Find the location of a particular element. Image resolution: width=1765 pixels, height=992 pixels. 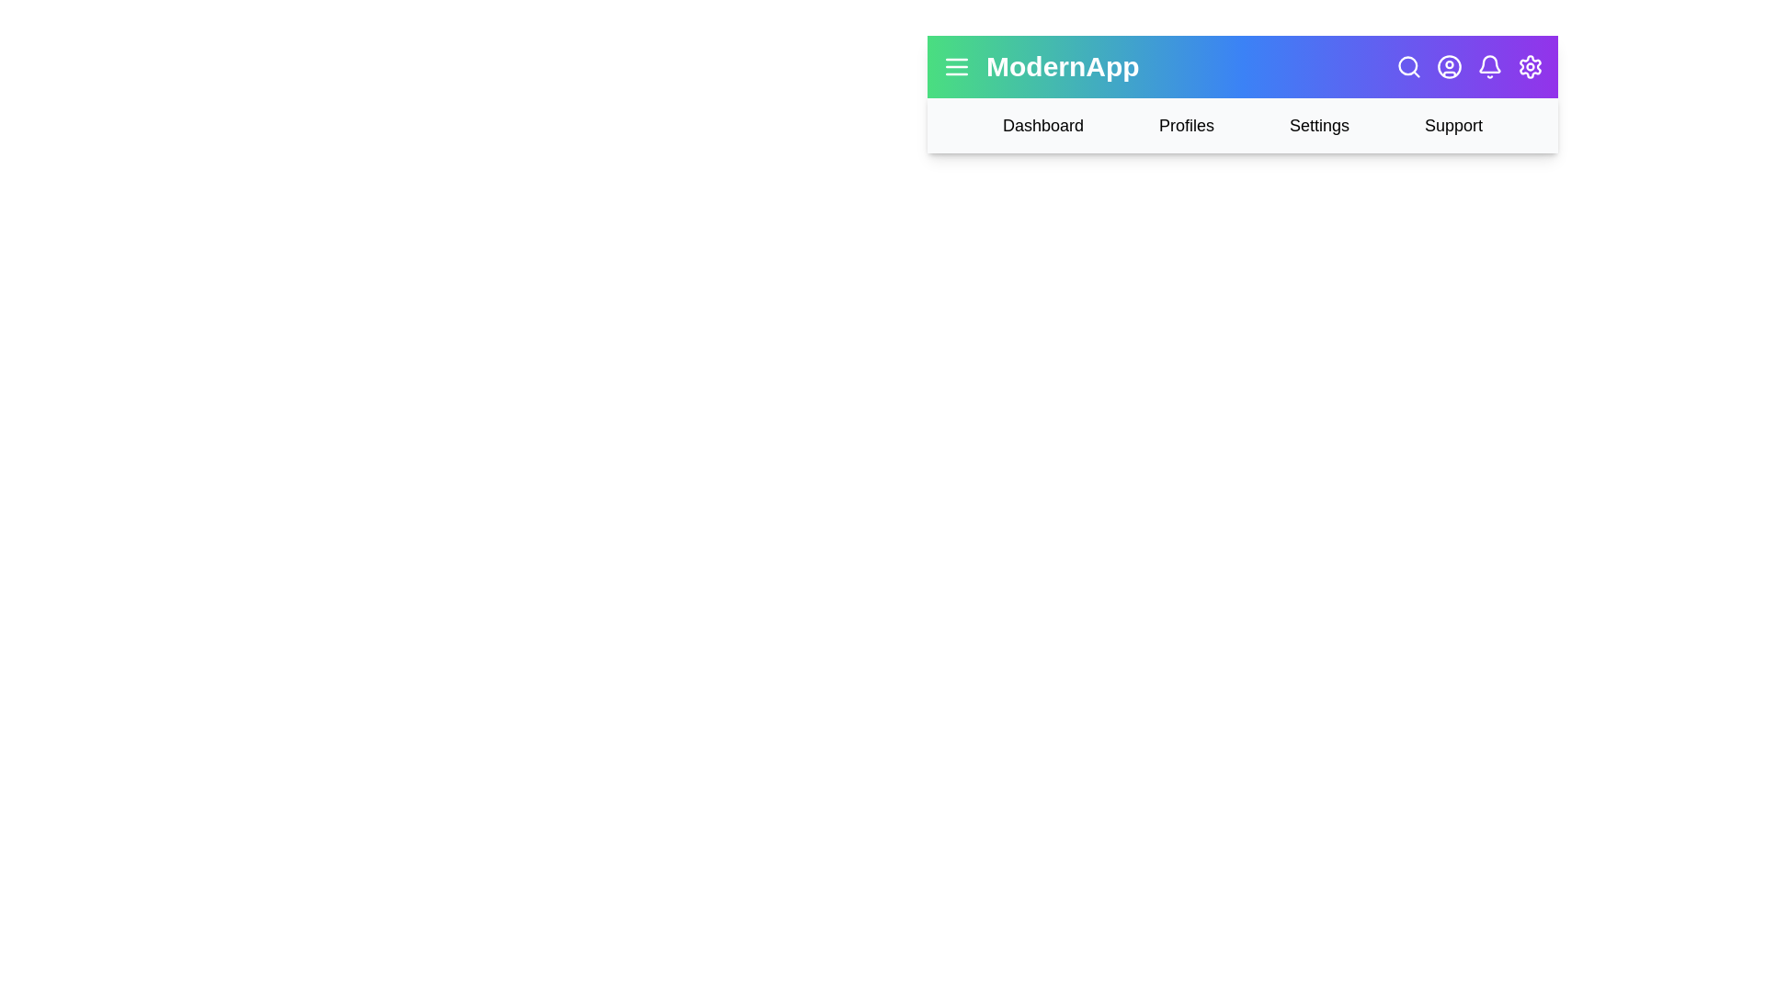

the search icon to initiate a search is located at coordinates (1407, 66).